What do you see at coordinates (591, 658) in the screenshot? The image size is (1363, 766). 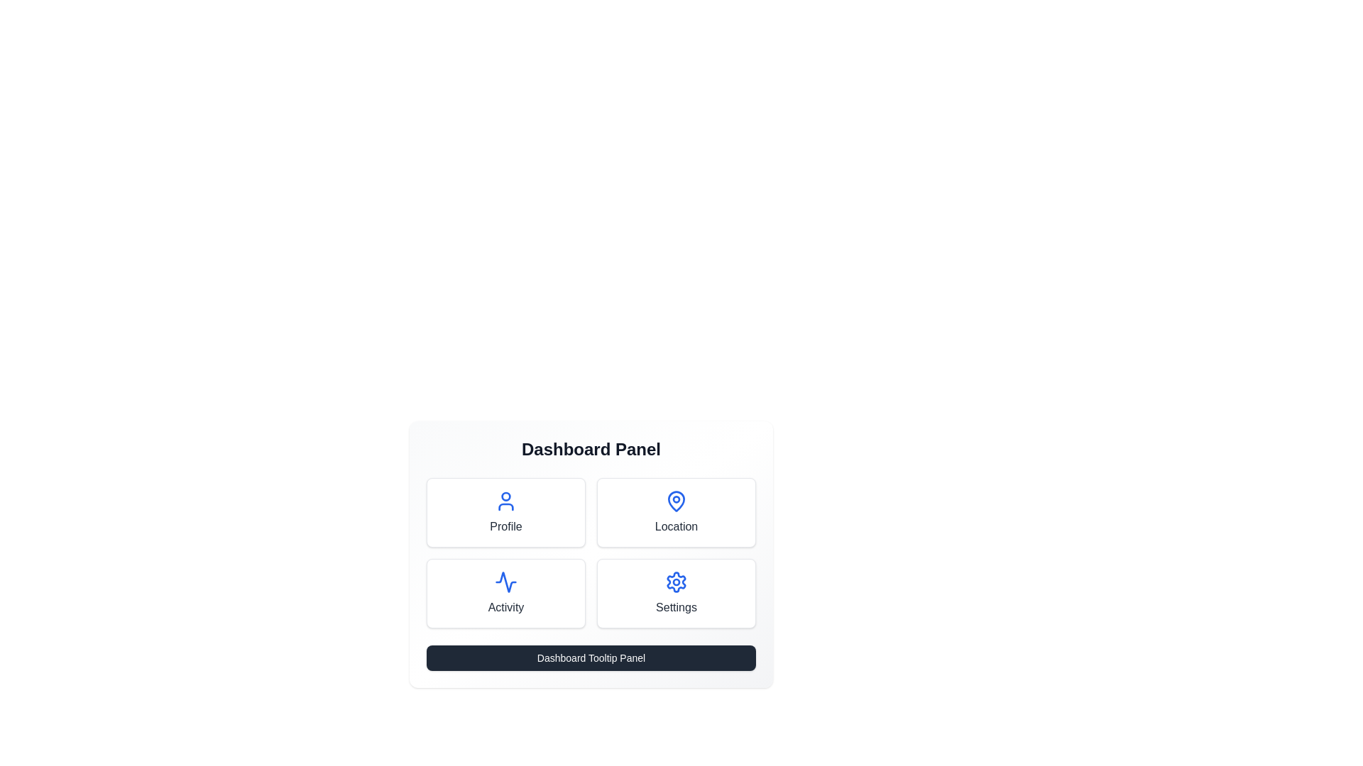 I see `the static informational panel located at the bottom of the dashboard, below the Profile, Location, Activity, and Settings buttons` at bounding box center [591, 658].